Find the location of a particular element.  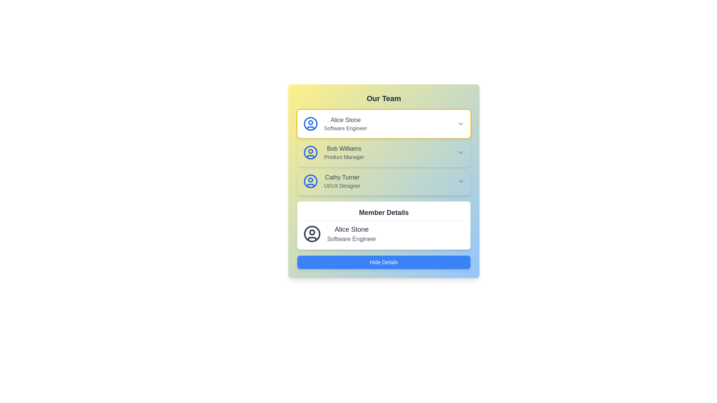

the circular blue user icon representing 'Bob Williams' located to the left of the text 'Bob Williams Product Manager' in the team members list is located at coordinates (310, 152).